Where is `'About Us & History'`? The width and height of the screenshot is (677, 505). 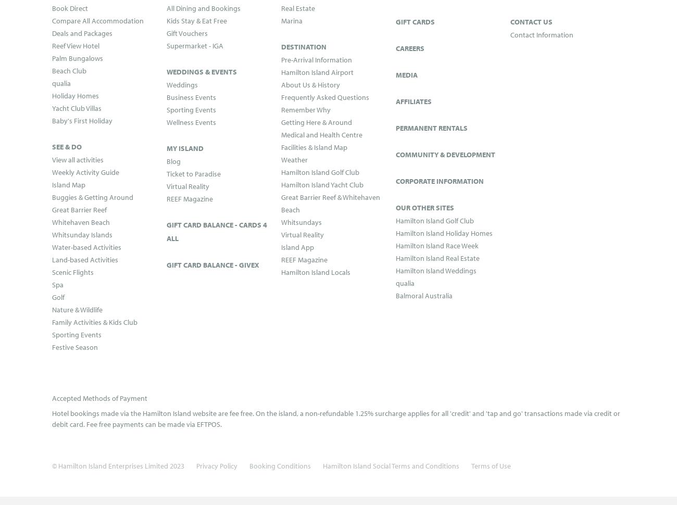
'About Us & History' is located at coordinates (310, 83).